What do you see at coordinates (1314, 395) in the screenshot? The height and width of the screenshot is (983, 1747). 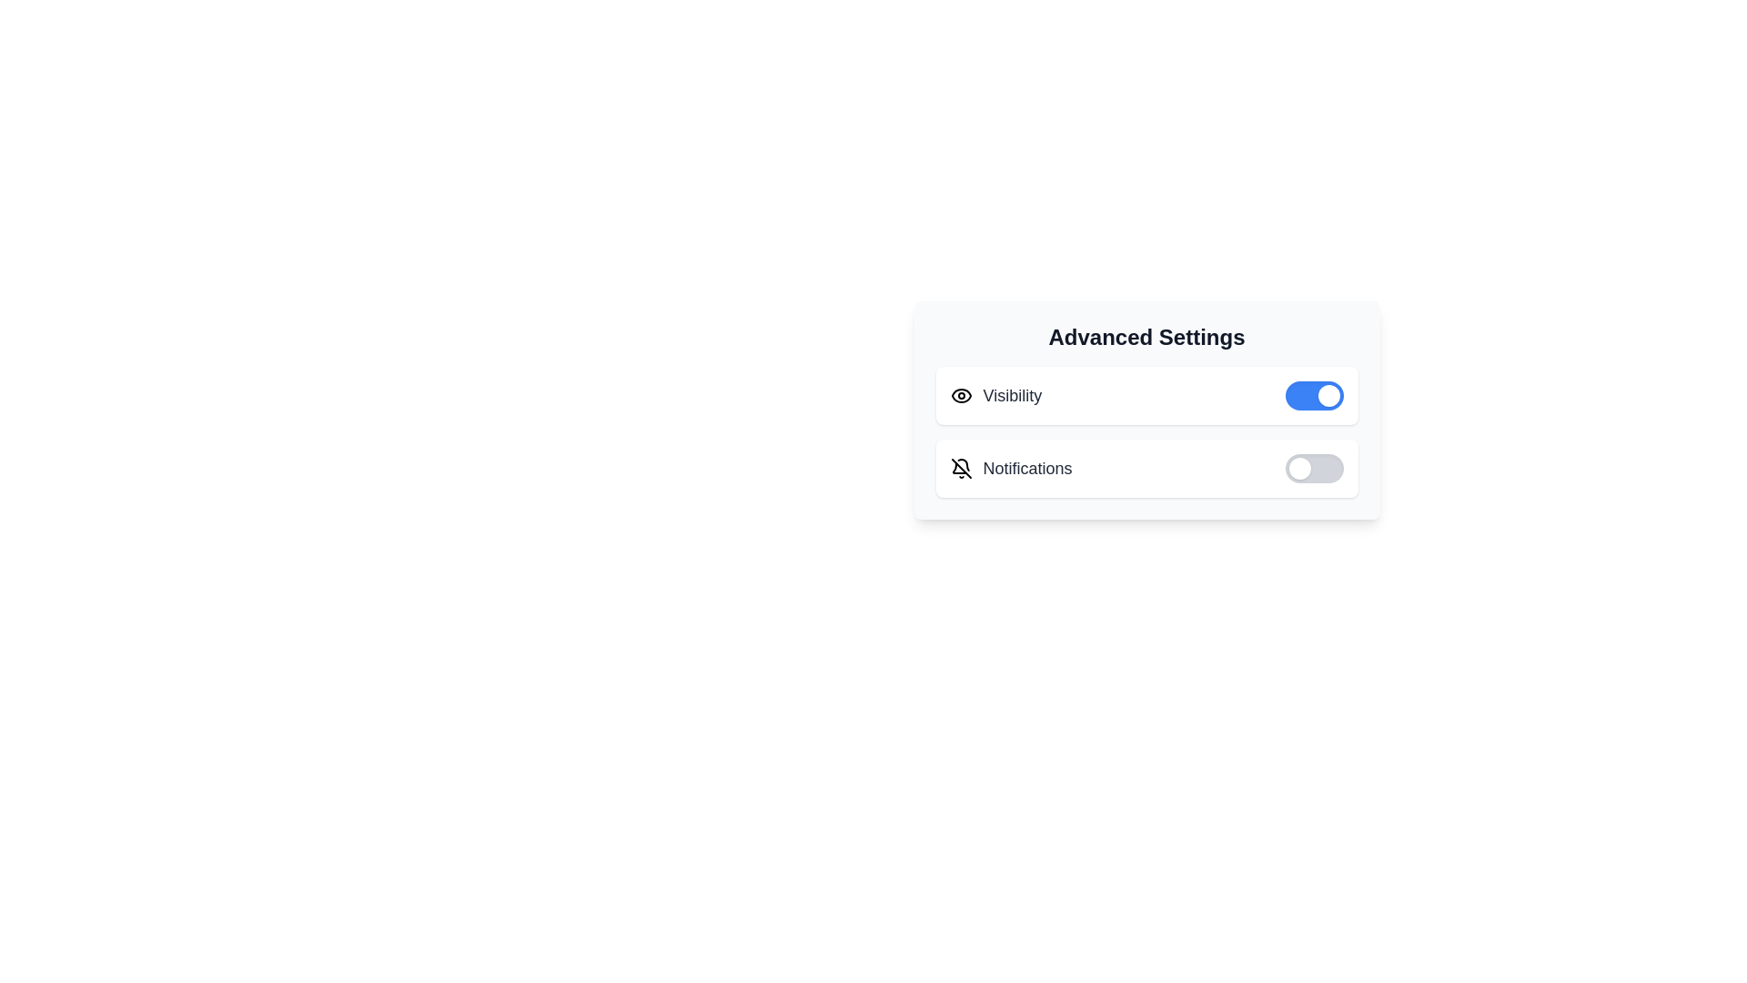 I see `the 'Visibility' switch to toggle its state` at bounding box center [1314, 395].